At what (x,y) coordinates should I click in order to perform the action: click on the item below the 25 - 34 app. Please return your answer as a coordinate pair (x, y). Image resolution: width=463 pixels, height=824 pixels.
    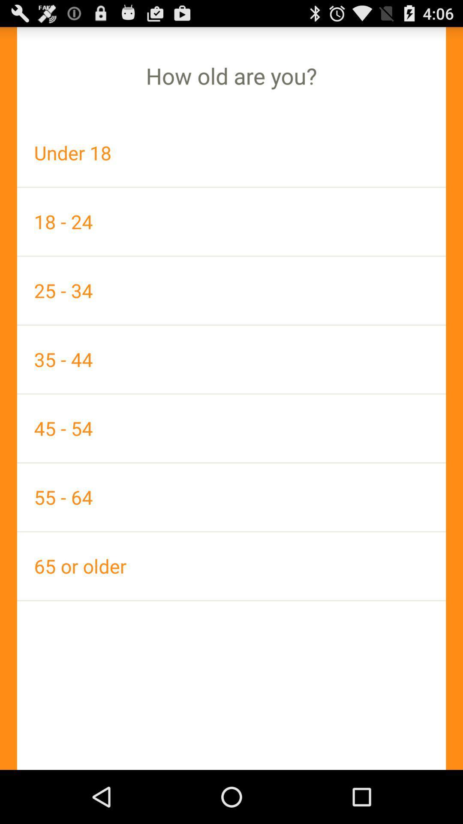
    Looking at the image, I should click on (231, 359).